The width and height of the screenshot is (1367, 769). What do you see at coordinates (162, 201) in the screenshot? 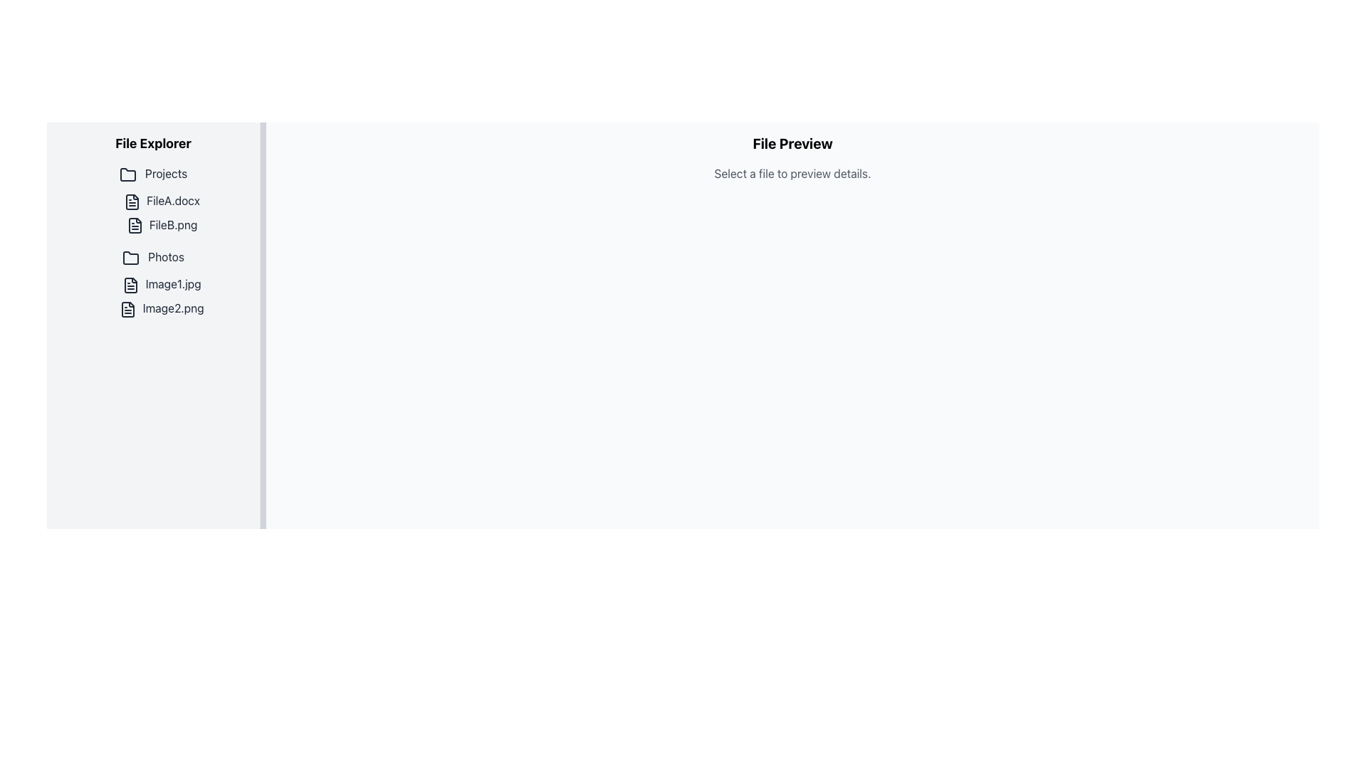
I see `the list item labeled 'FileA.docx' in the file navigation panel` at bounding box center [162, 201].